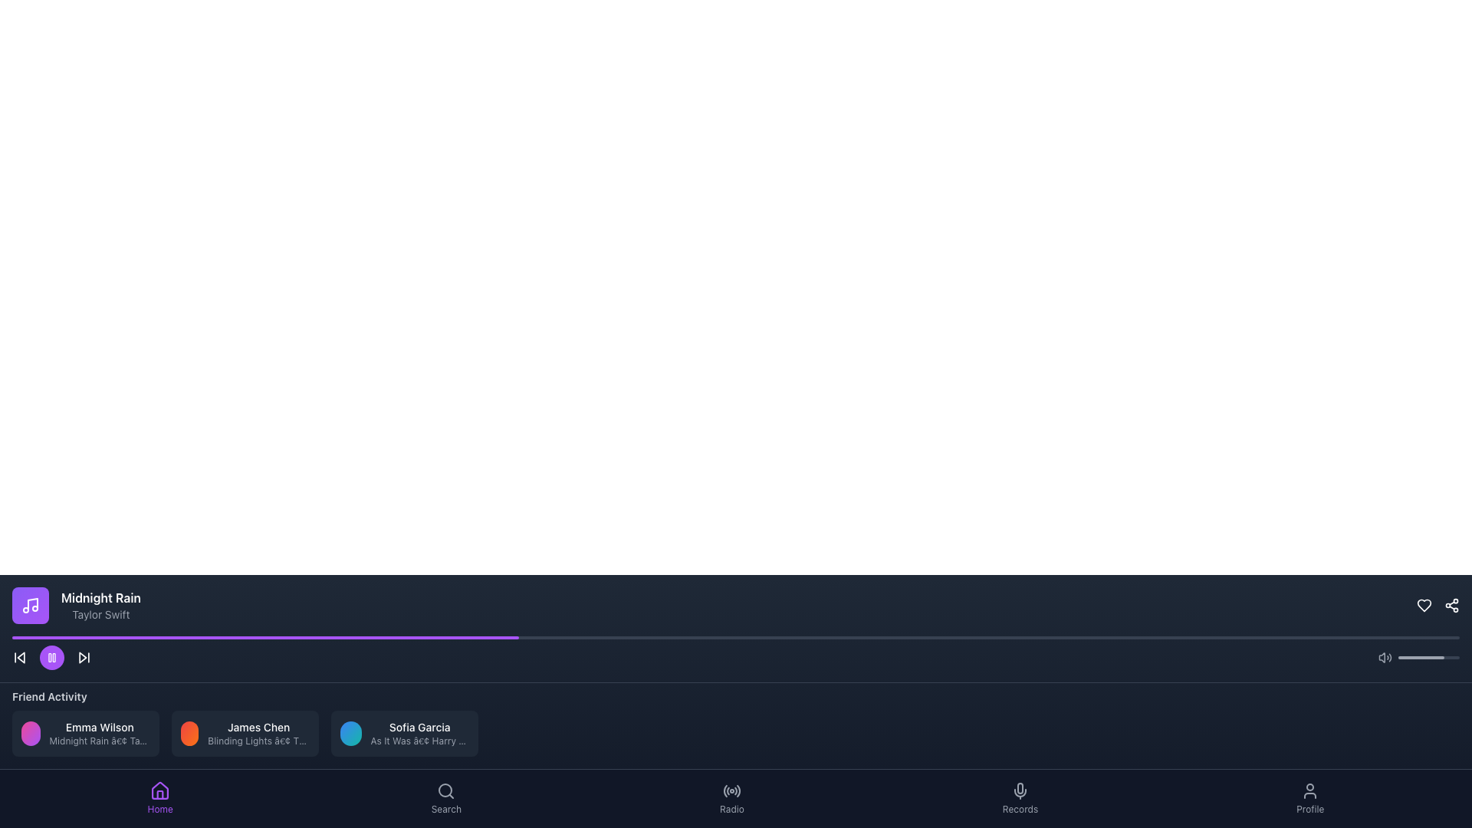 Image resolution: width=1472 pixels, height=828 pixels. I want to click on the Information card displaying 'James Chen' and 'Blinding Lights • The Weeknd', located in the middle of the 'Friend Activity' section, so click(245, 732).